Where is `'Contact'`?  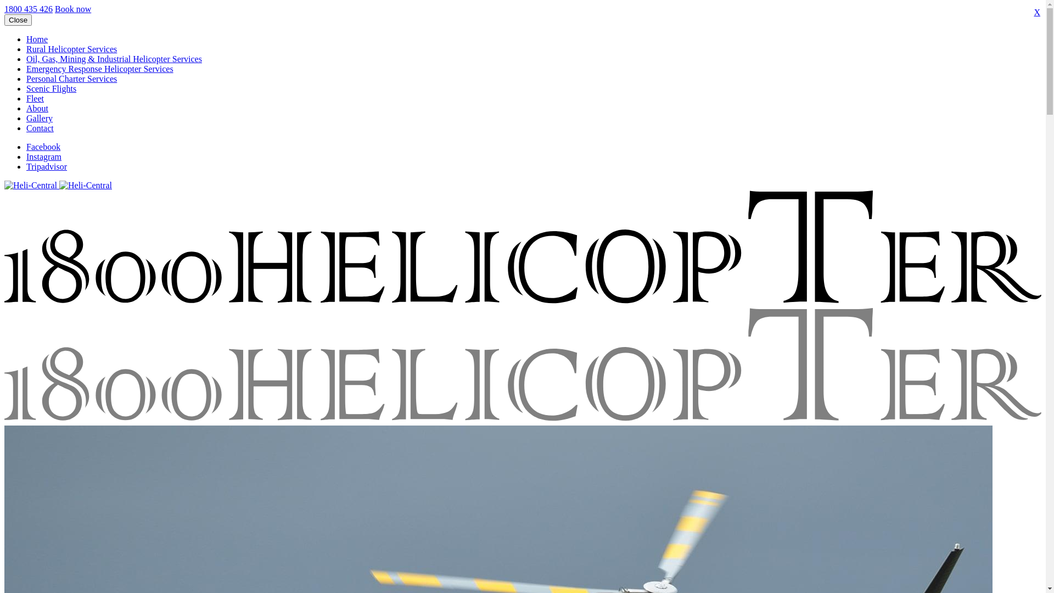 'Contact' is located at coordinates (40, 127).